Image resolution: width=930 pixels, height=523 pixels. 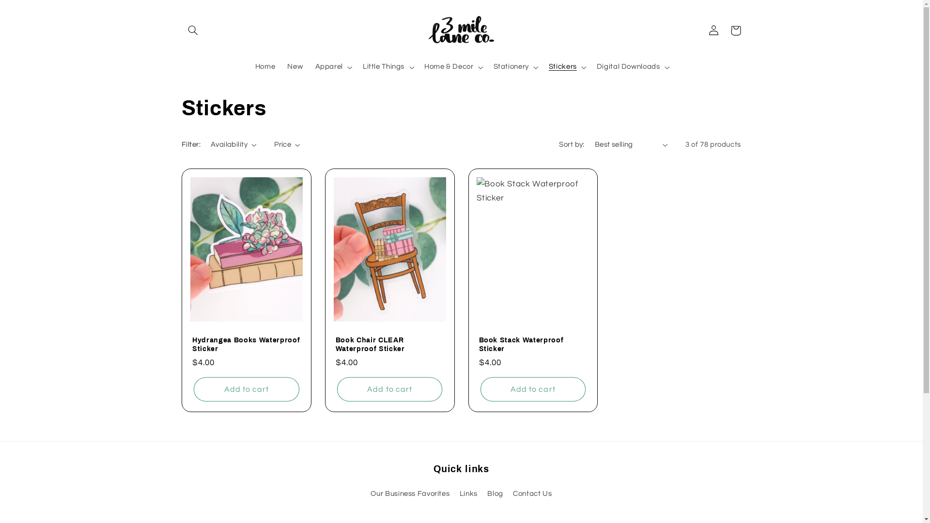 I want to click on 'Contact Us', so click(x=512, y=493).